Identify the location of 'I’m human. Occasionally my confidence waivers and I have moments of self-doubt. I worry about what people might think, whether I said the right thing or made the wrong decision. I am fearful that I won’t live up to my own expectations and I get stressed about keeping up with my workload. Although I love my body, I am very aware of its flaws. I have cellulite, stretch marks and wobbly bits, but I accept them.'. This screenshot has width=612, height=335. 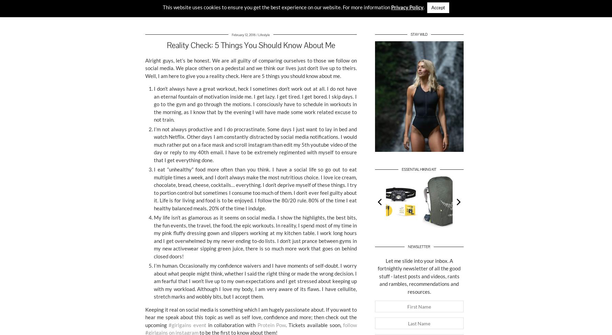
(255, 281).